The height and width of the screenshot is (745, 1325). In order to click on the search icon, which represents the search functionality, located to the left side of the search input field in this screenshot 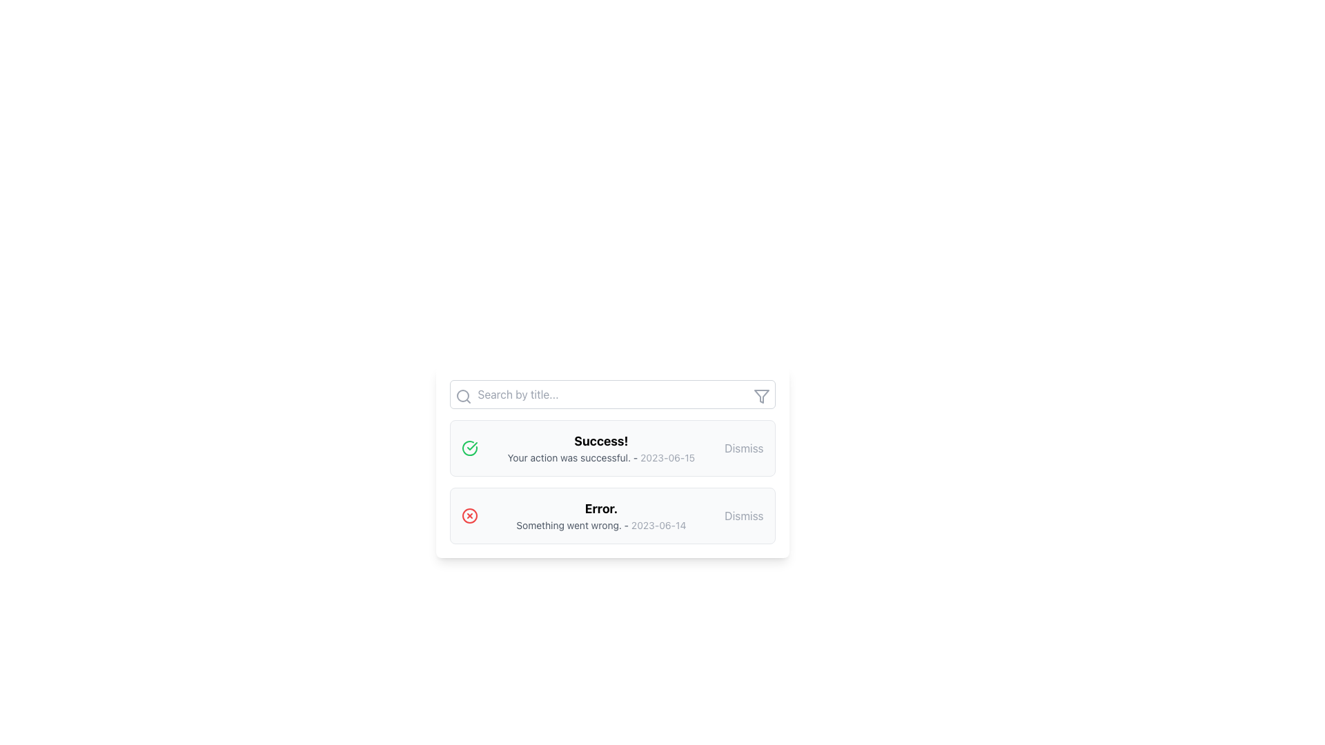, I will do `click(463, 396)`.